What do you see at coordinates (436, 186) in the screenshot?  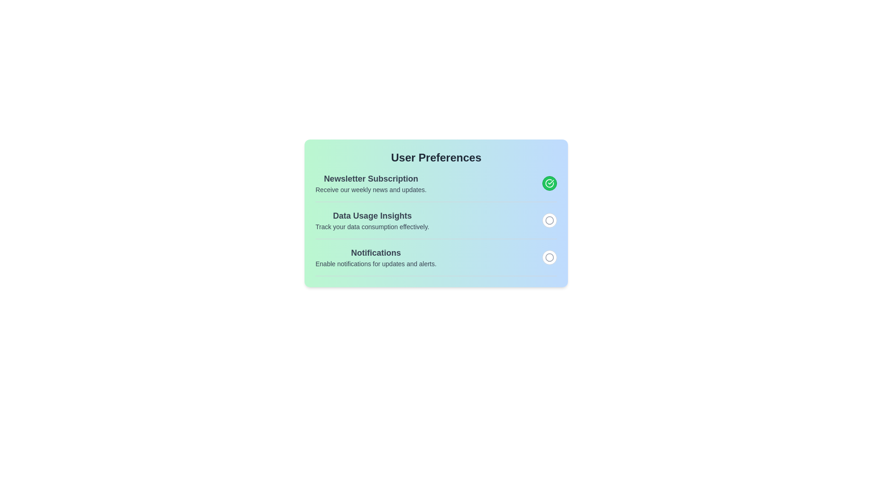 I see `the informational block that displays the subscription status for receiving a newsletter, indicated by a green checkmark, located under 'User Preferences'` at bounding box center [436, 186].